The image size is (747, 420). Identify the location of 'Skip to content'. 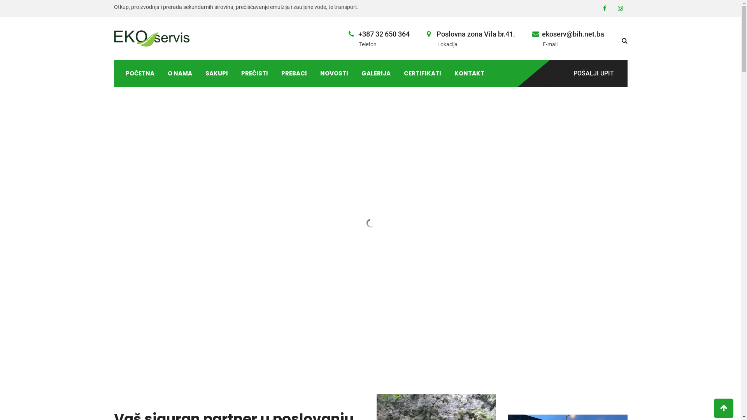
(0, 0).